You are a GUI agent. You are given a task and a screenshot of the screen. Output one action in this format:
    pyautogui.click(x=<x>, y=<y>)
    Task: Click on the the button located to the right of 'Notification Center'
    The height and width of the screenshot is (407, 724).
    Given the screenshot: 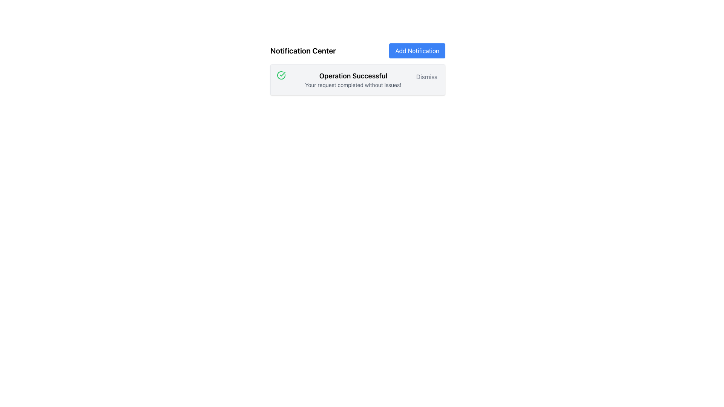 What is the action you would take?
    pyautogui.click(x=417, y=51)
    